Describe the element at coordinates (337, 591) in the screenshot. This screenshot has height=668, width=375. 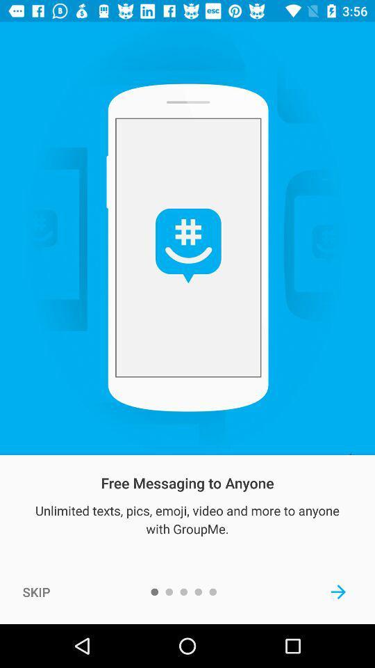
I see `next` at that location.